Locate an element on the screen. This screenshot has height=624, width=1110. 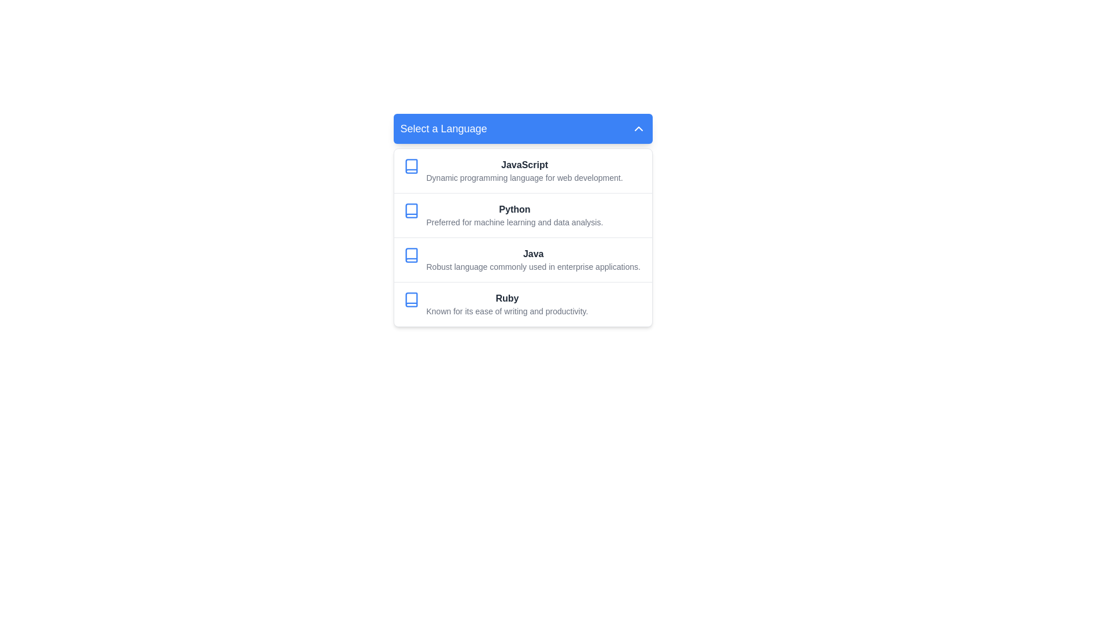
the 'Ruby' text element, which serves as the title of the last option in the dropdown menu below the 'Select a Language' label is located at coordinates (507, 298).